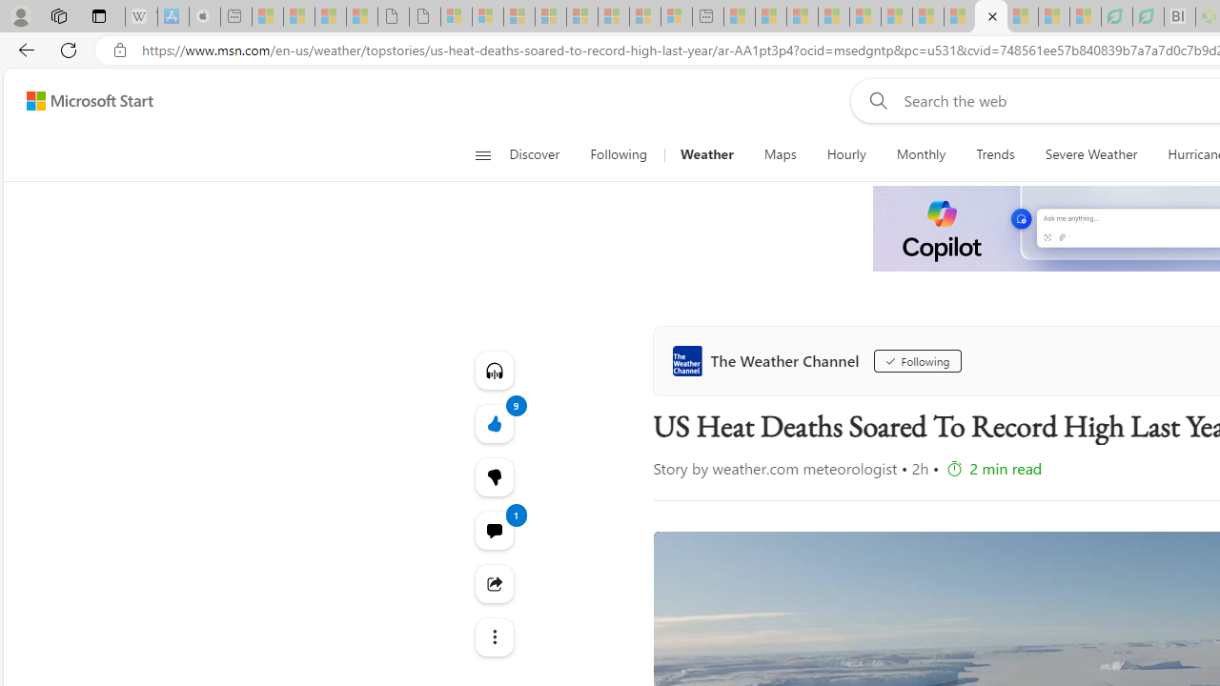 The image size is (1220, 686). What do you see at coordinates (921, 154) in the screenshot?
I see `'Monthly'` at bounding box center [921, 154].